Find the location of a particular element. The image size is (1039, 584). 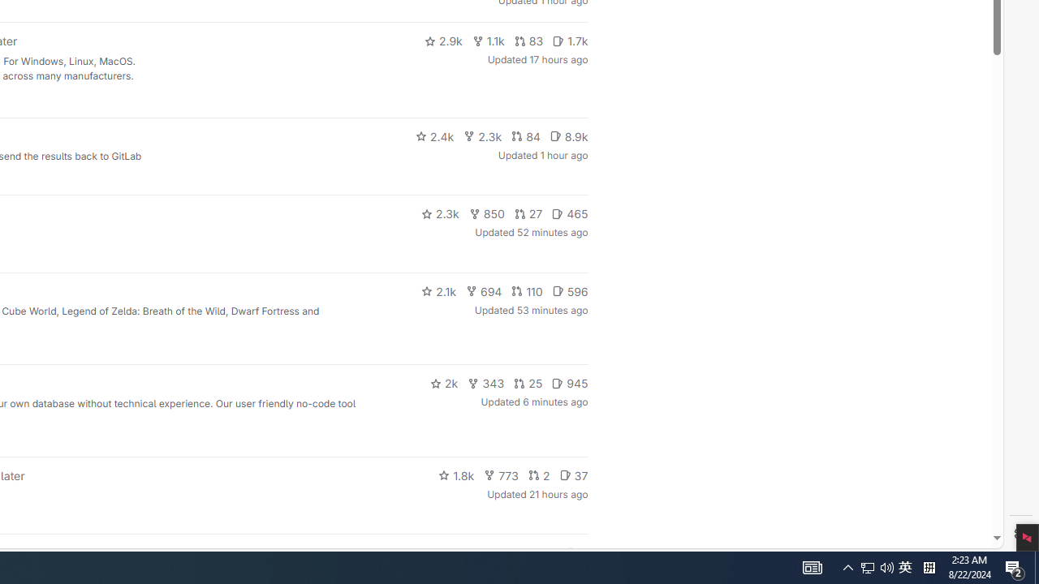

'37' is located at coordinates (573, 474).